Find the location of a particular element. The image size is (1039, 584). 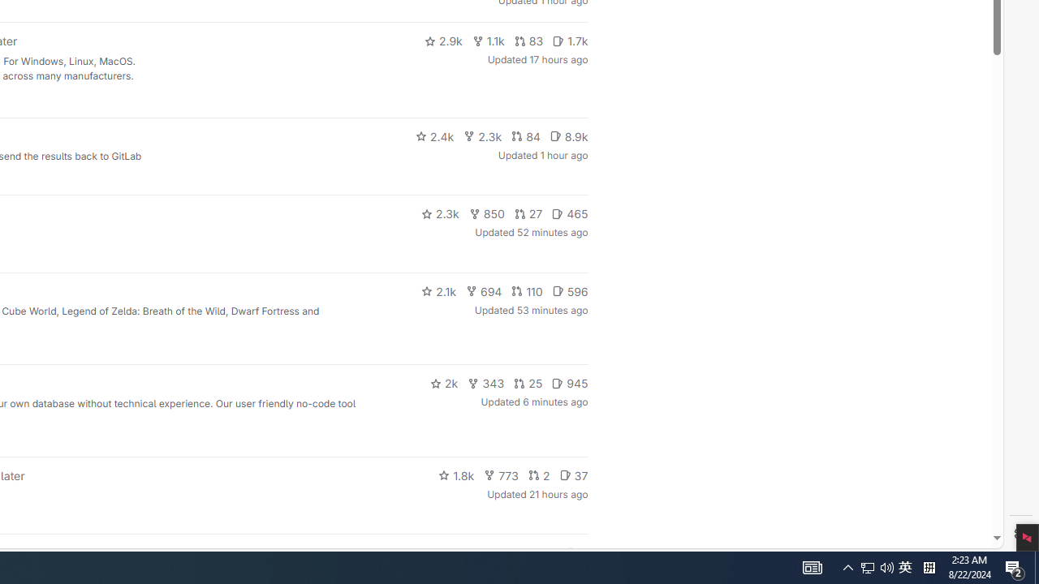

'37' is located at coordinates (573, 474).